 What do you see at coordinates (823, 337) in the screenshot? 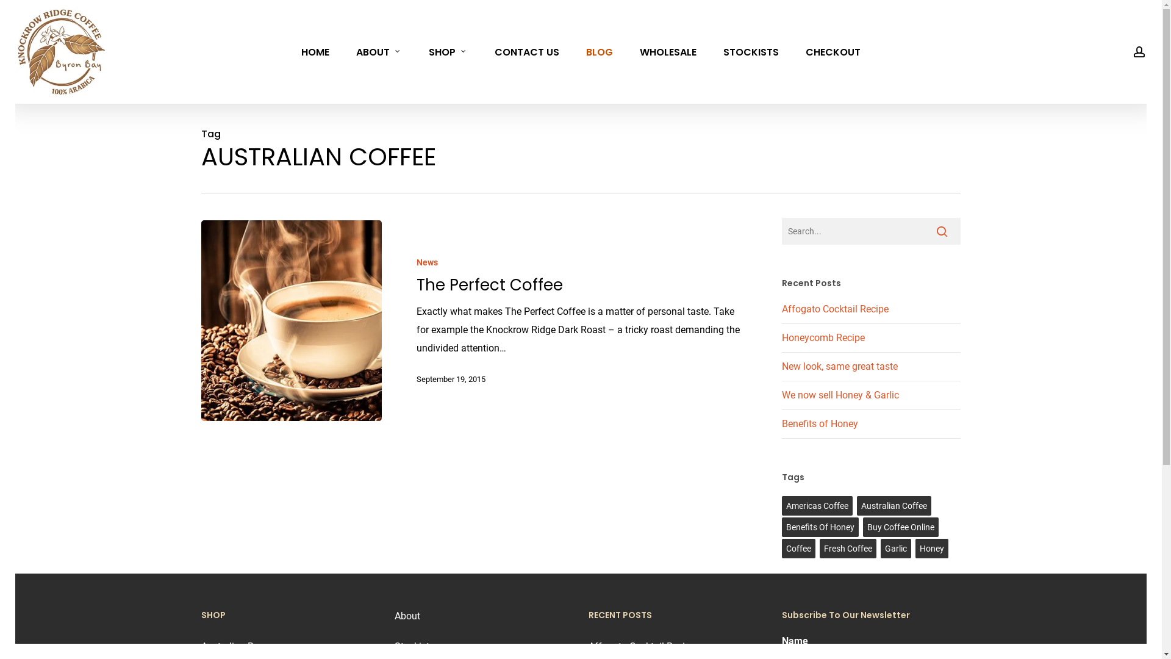
I see `'Honeycomb Recipe'` at bounding box center [823, 337].